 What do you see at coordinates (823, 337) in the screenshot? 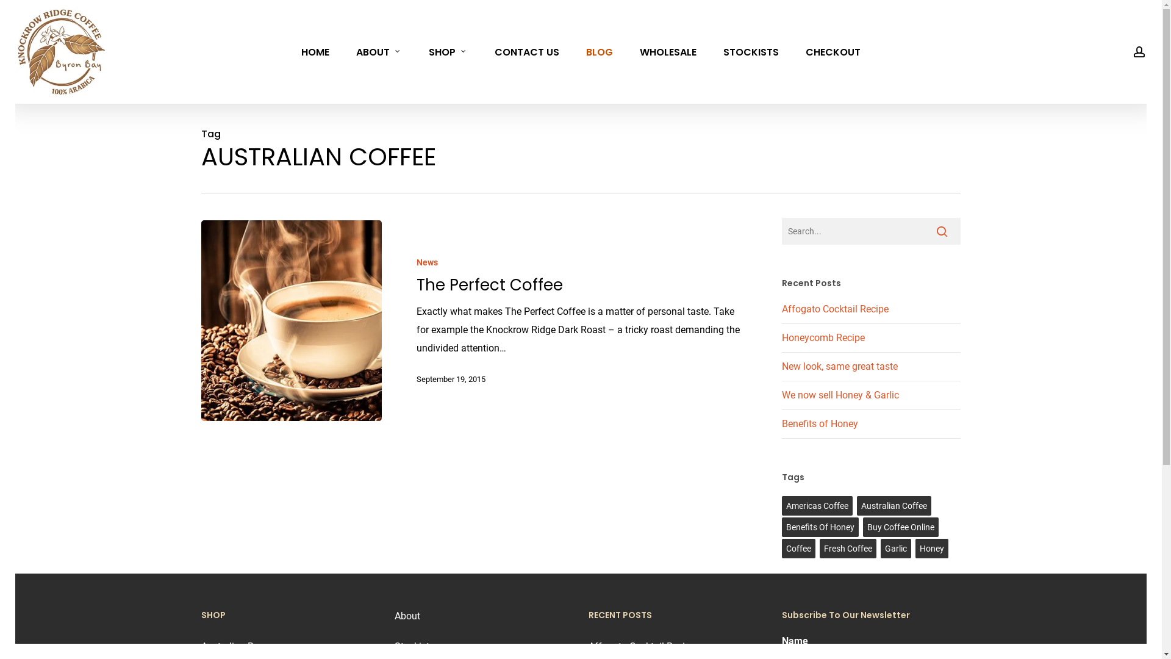
I see `'Honeycomb Recipe'` at bounding box center [823, 337].